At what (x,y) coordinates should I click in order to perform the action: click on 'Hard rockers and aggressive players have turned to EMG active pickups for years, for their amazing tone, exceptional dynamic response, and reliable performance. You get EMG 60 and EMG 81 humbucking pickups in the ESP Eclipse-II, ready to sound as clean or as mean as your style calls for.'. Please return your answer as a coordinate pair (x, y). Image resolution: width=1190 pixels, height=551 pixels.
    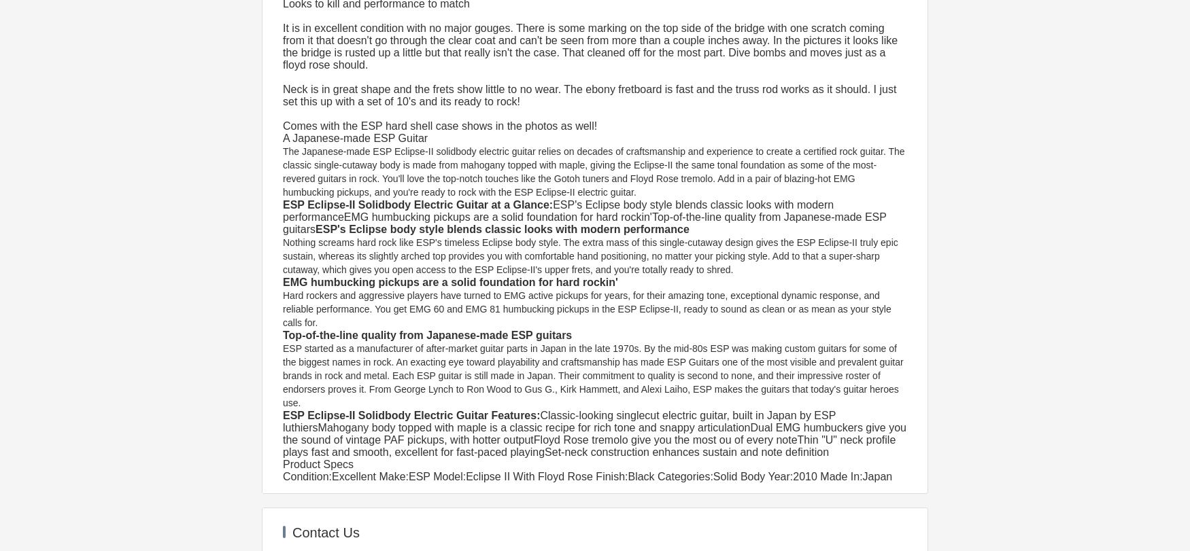
    Looking at the image, I should click on (282, 308).